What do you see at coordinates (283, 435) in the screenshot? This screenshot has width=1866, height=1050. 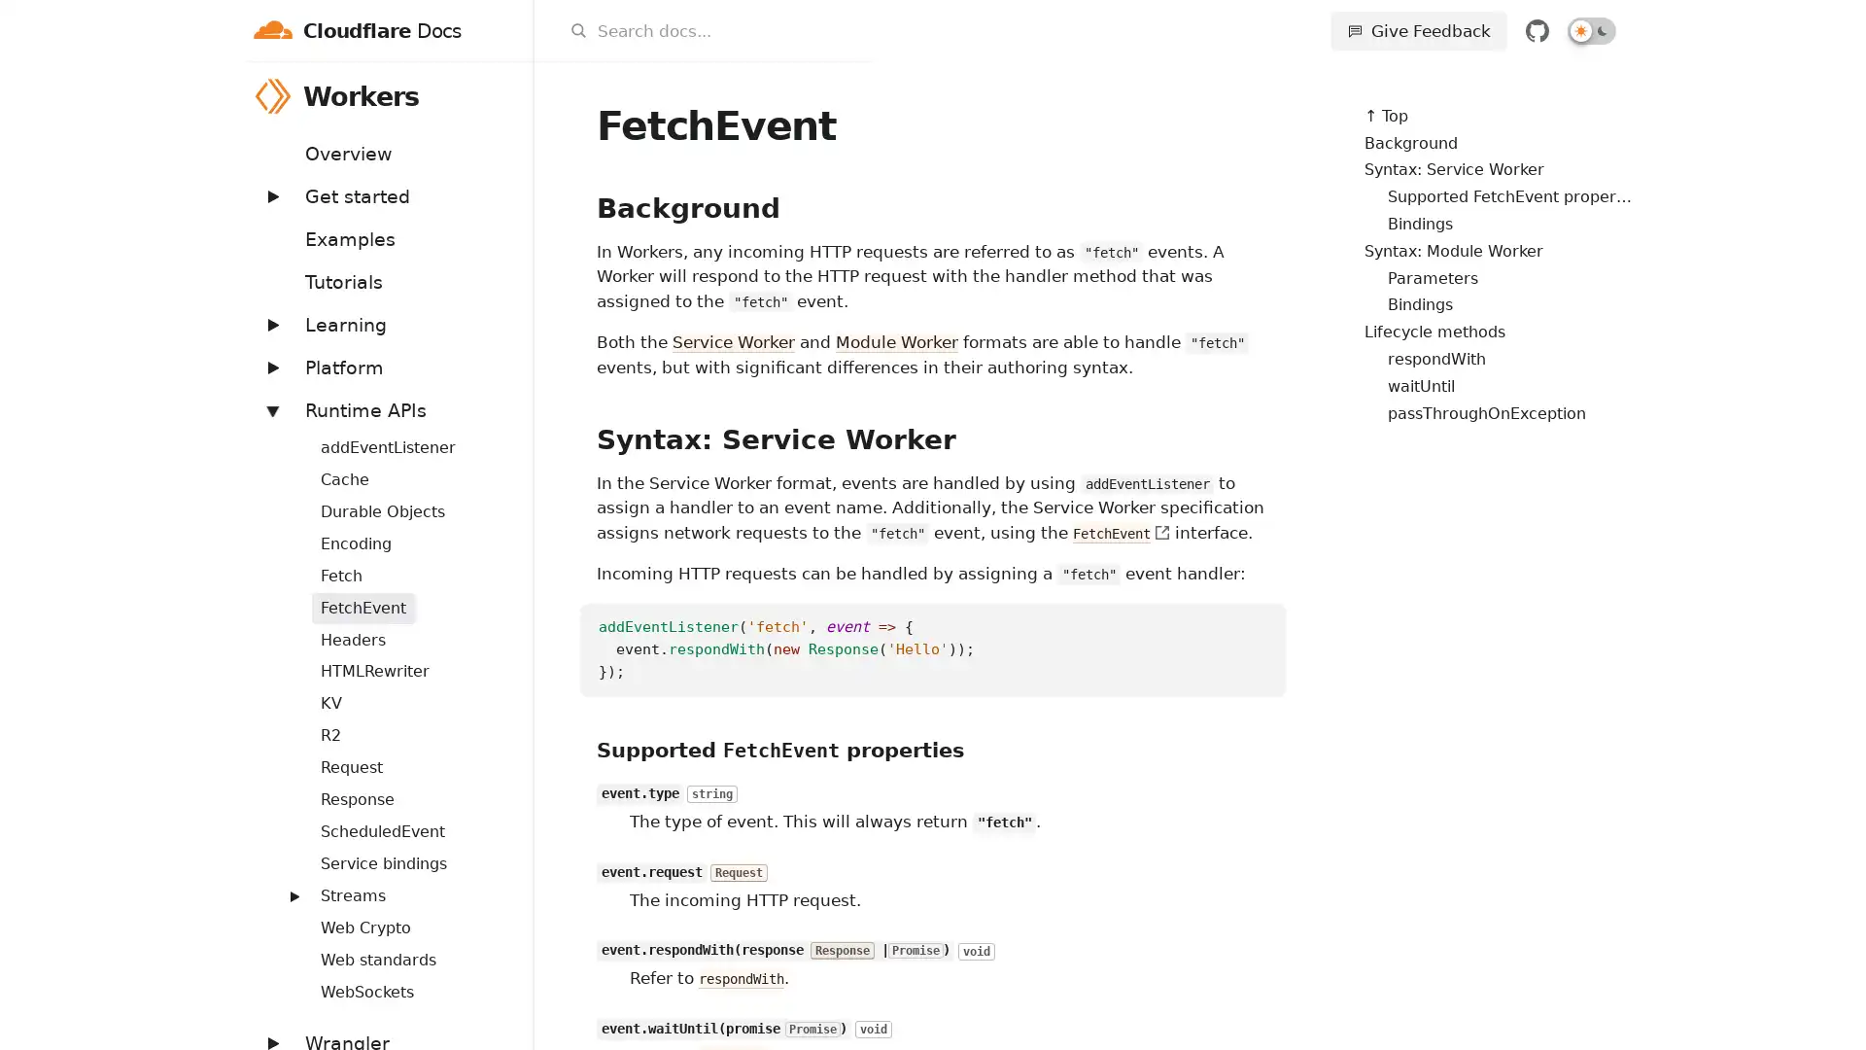 I see `Expand: Bindings` at bounding box center [283, 435].